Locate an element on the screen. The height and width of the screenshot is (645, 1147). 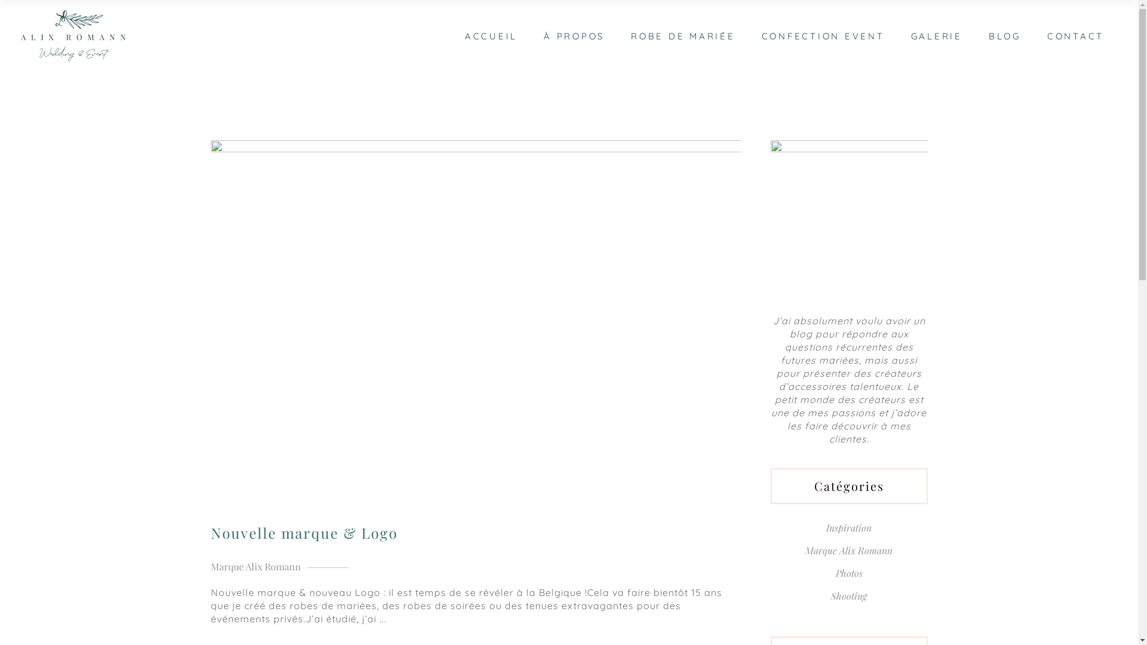
'BLOG' is located at coordinates (1004, 35).